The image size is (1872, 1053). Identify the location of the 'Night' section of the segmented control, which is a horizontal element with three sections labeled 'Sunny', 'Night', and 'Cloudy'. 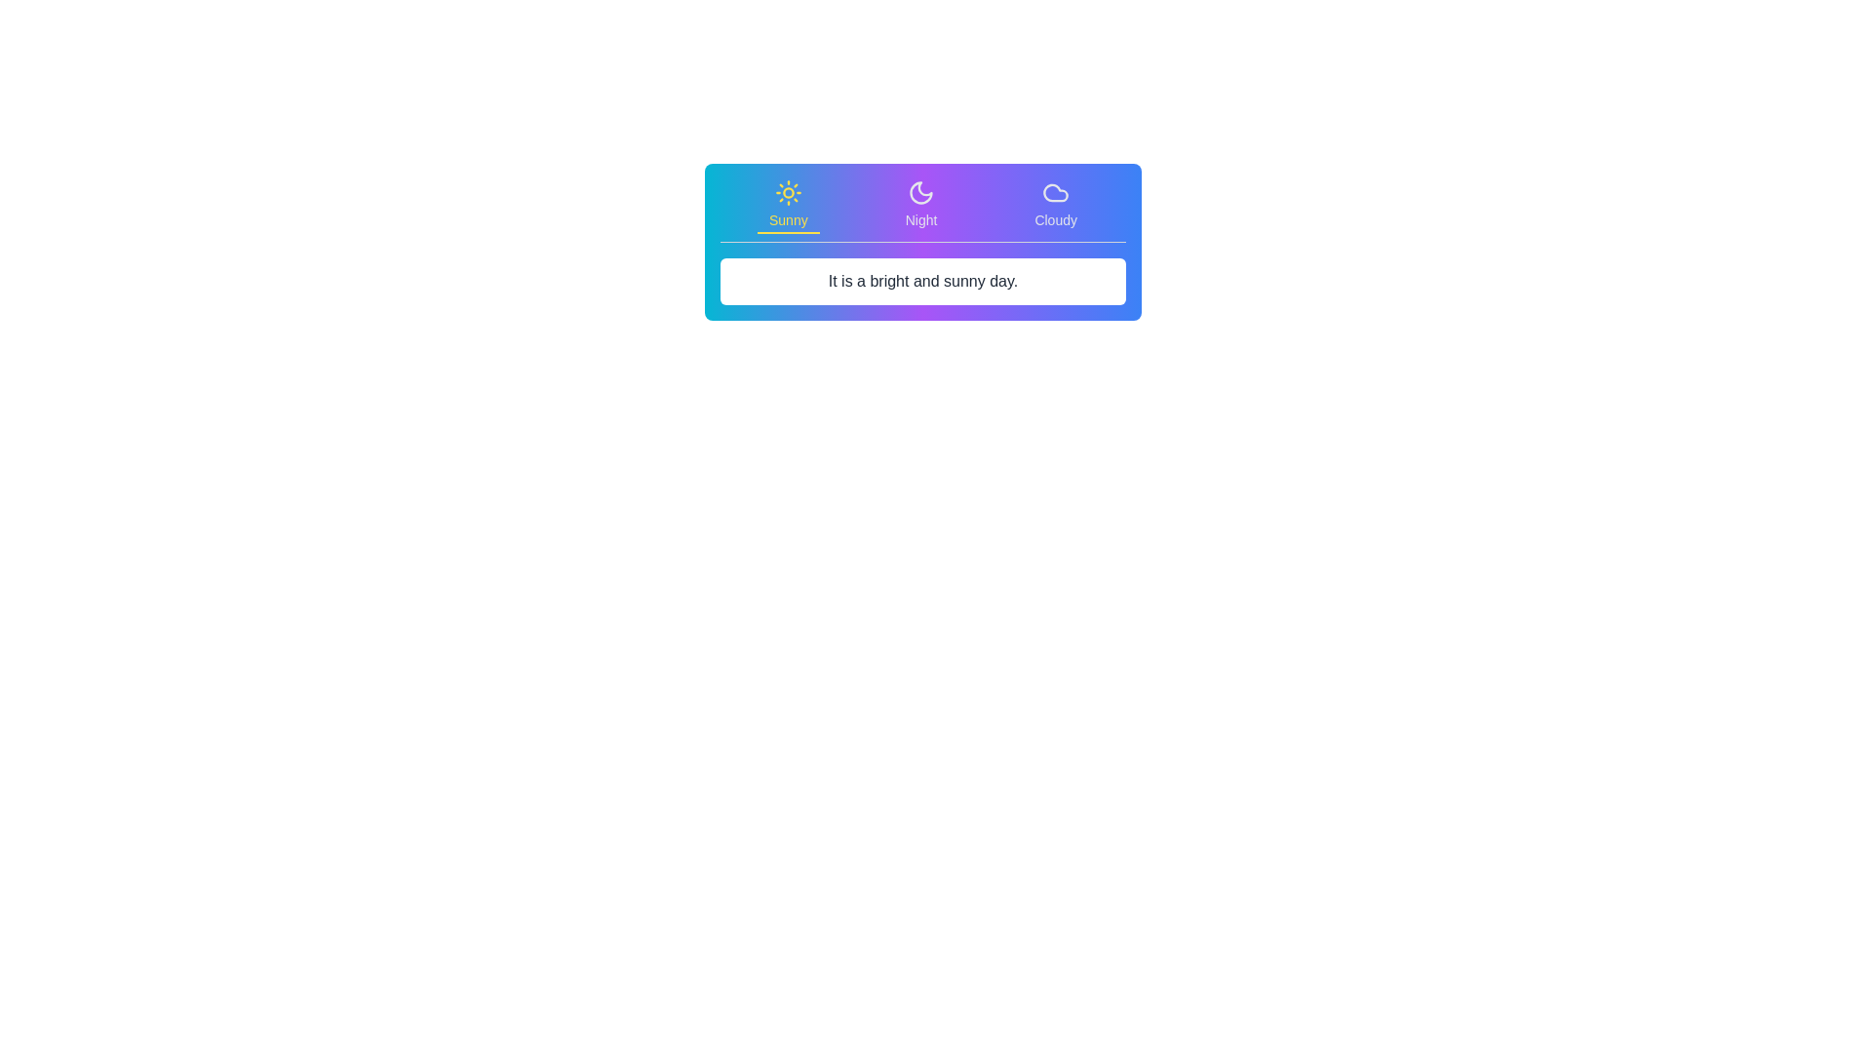
(921, 211).